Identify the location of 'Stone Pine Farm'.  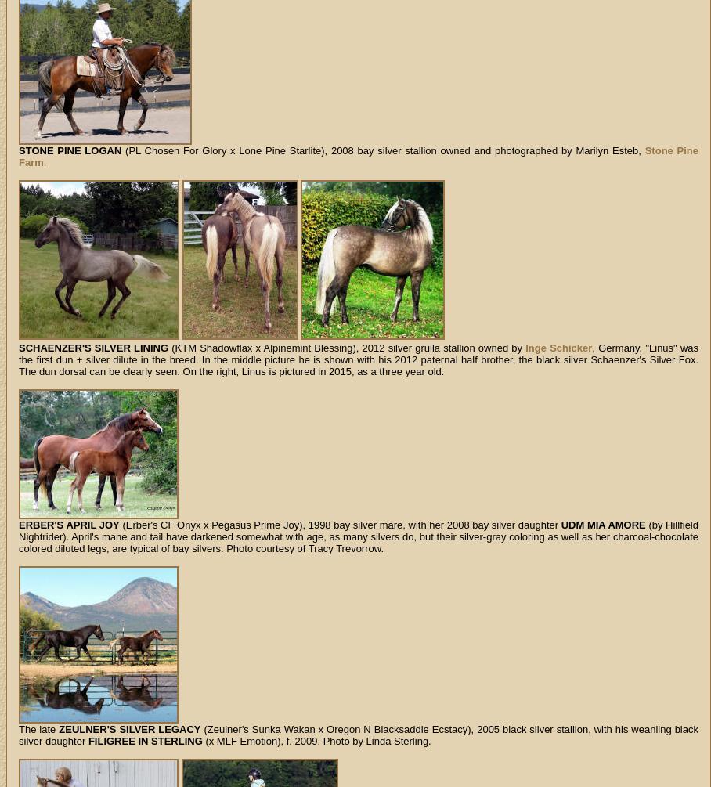
(357, 155).